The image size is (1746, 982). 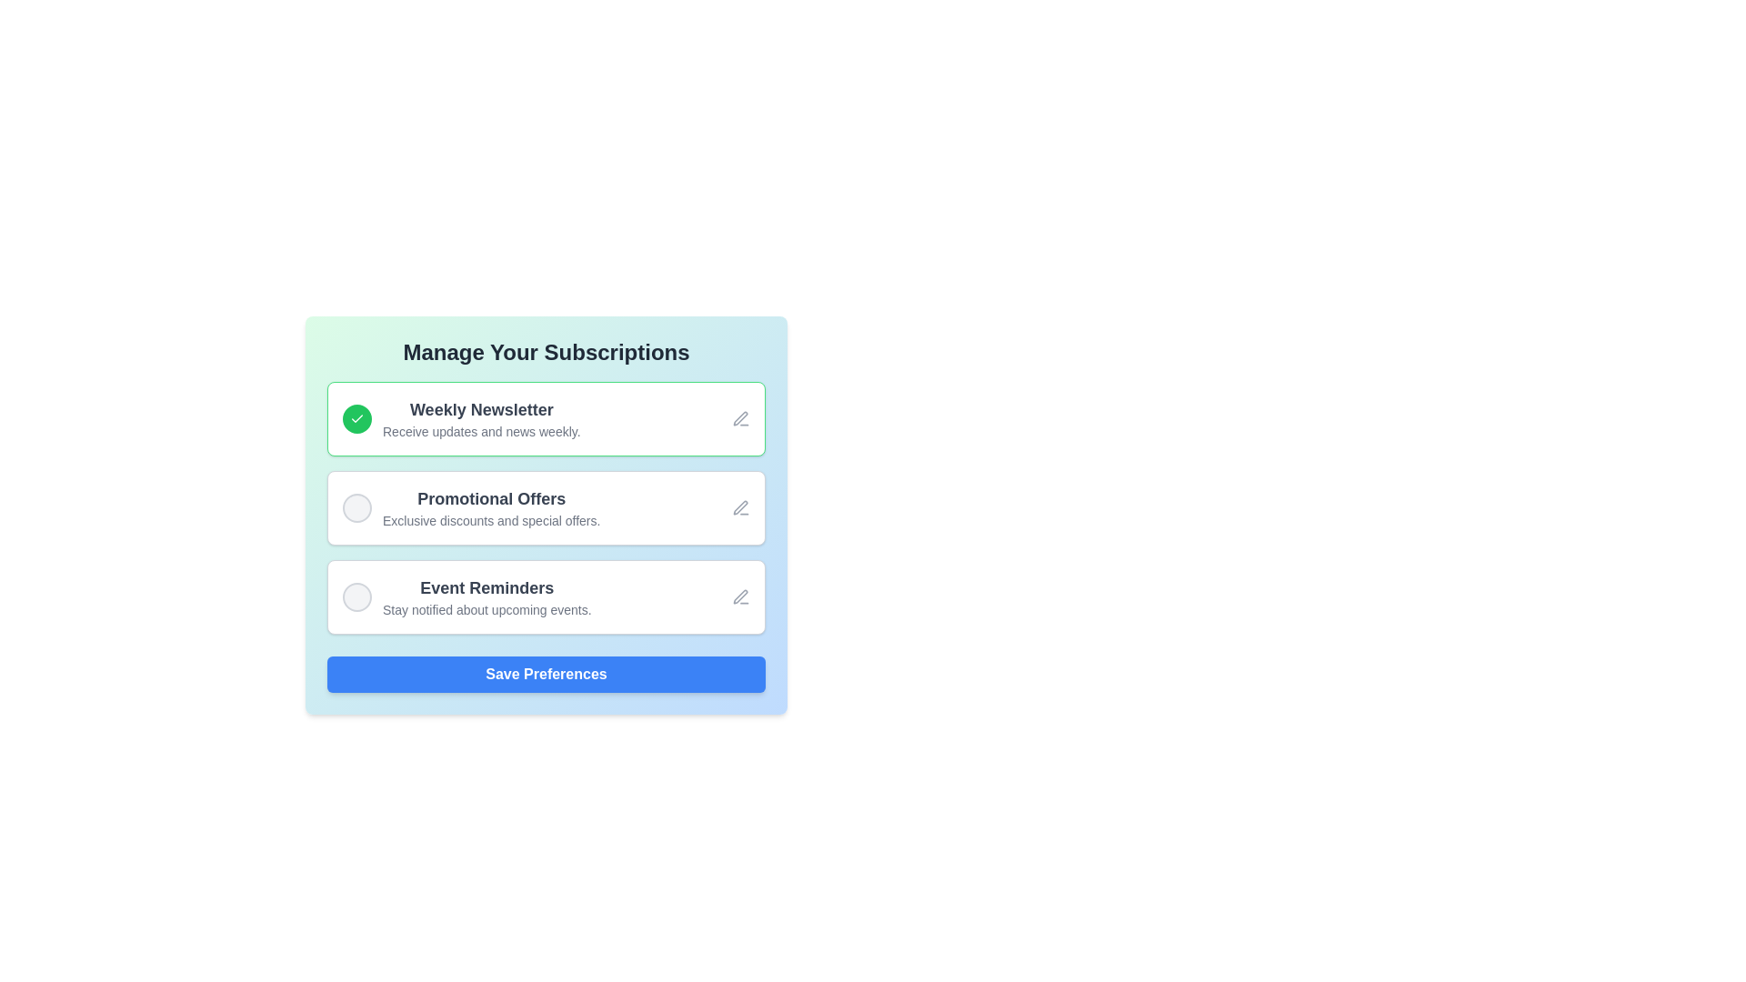 What do you see at coordinates (461, 419) in the screenshot?
I see `the subscription option for the weekly newsletter` at bounding box center [461, 419].